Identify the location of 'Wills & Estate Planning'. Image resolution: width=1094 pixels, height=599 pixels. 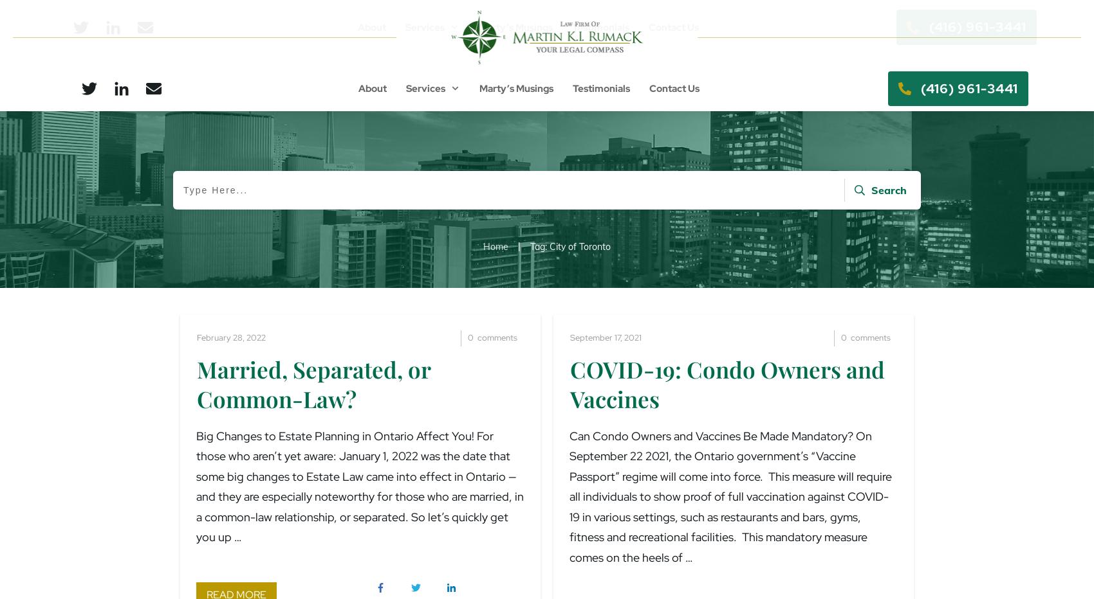
(491, 125).